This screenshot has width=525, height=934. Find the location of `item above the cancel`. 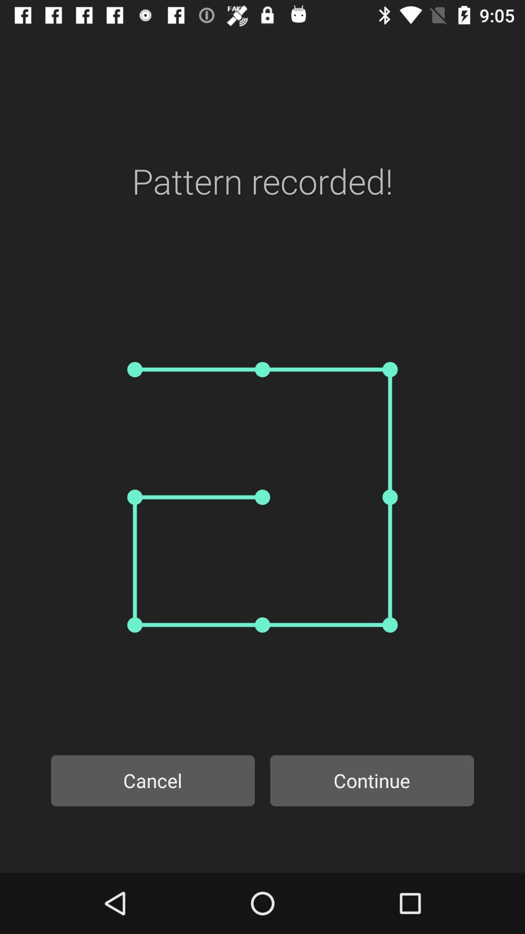

item above the cancel is located at coordinates (262, 497).